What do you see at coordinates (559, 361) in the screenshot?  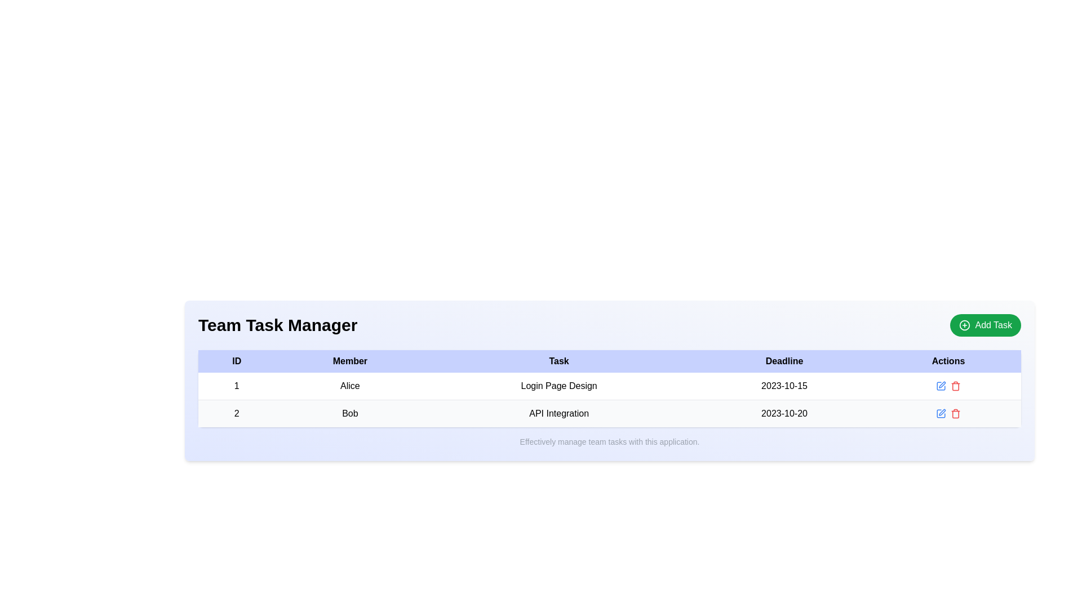 I see `the text label displaying 'Task' in black font, which is centered within a light blue rectangular background in the header row of the Team Task Manager table` at bounding box center [559, 361].